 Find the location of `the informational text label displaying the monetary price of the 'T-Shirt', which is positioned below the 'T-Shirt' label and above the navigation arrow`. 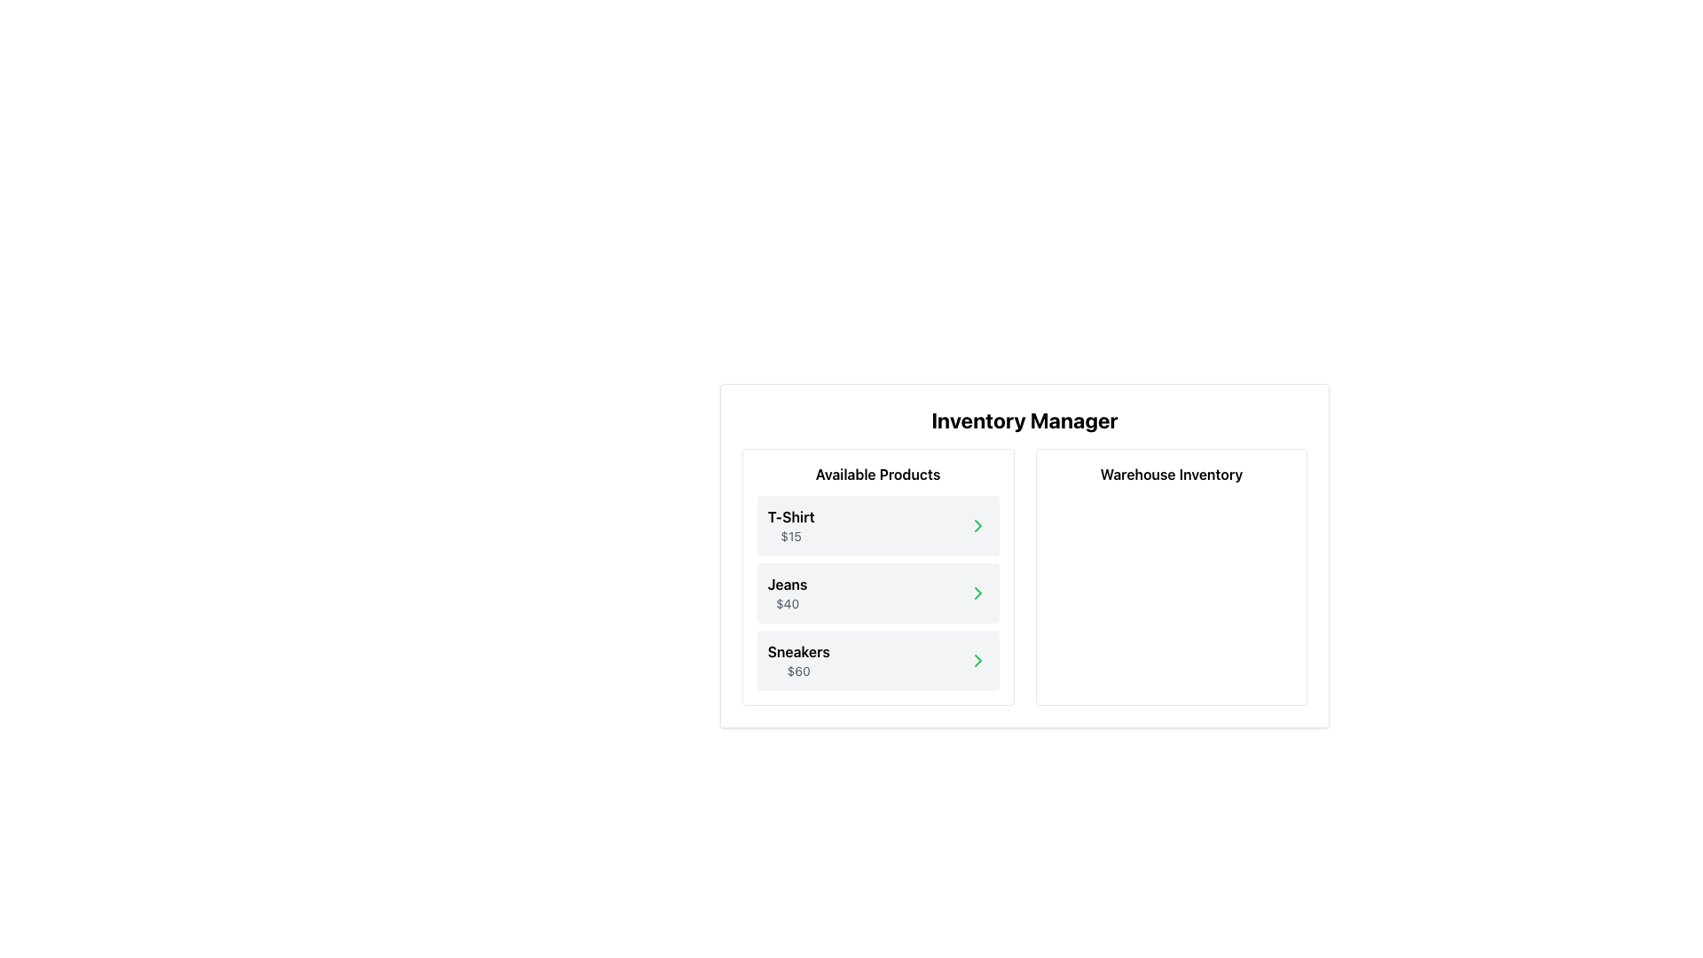

the informational text label displaying the monetary price of the 'T-Shirt', which is positioned below the 'T-Shirt' label and above the navigation arrow is located at coordinates (790, 536).